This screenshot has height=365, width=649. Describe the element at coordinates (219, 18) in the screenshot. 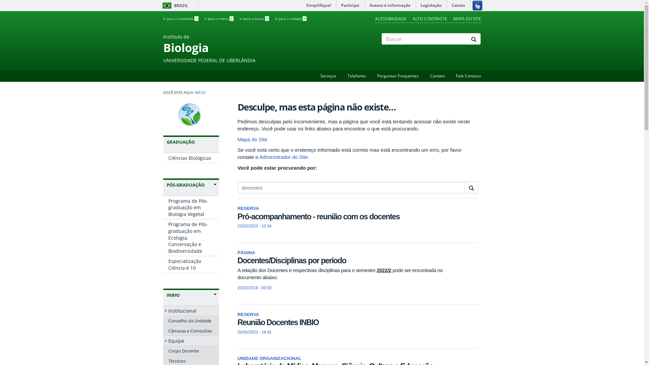

I see `'Ir para o menu 2'` at that location.